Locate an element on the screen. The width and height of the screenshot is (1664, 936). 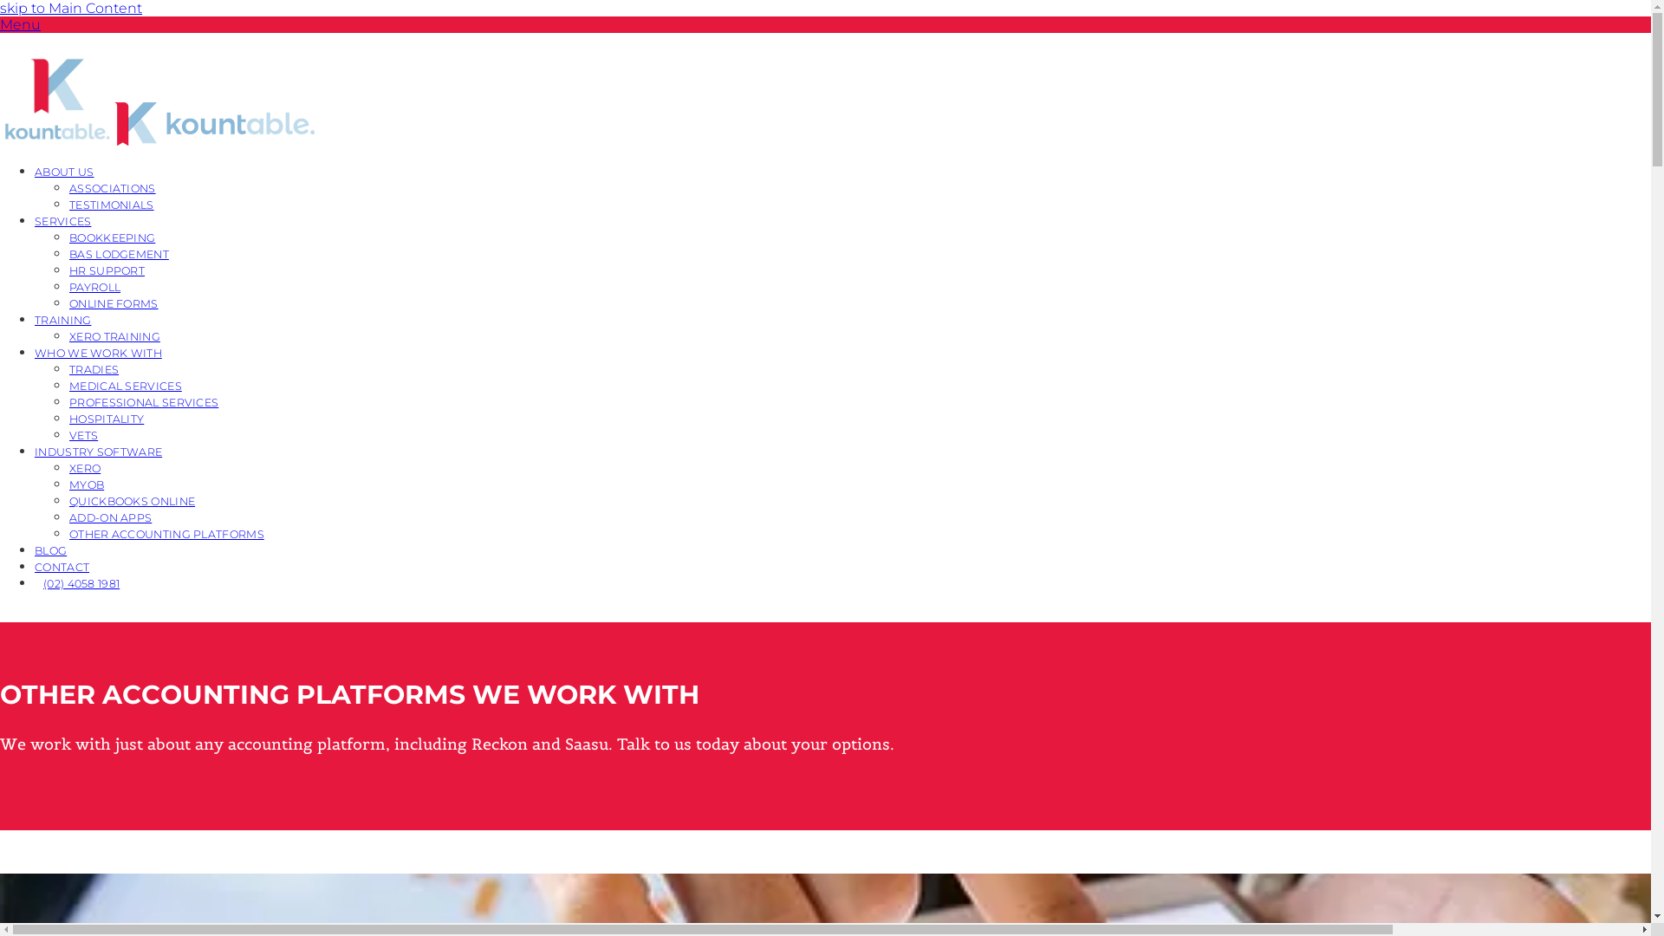
'BOOKKEEPING' is located at coordinates (111, 237).